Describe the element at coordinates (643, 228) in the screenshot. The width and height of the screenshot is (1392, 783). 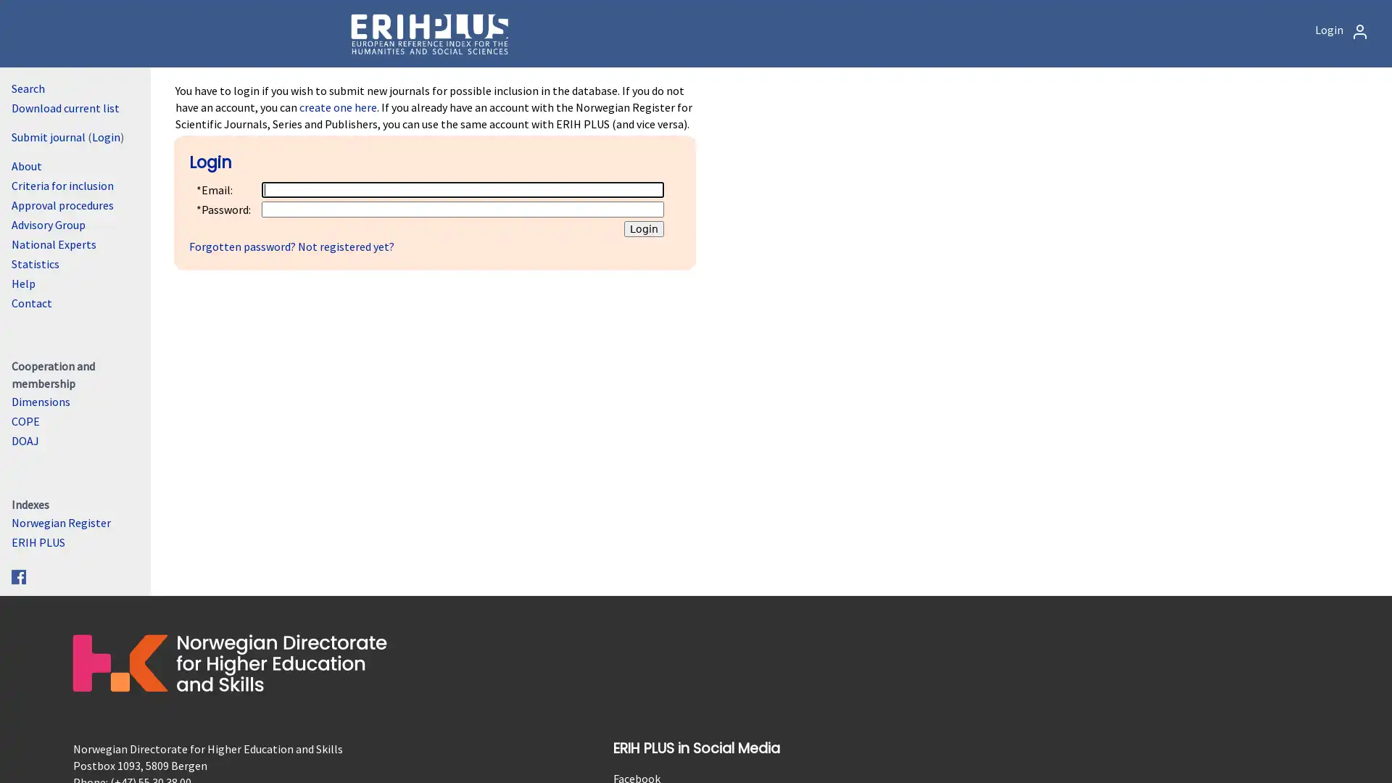
I see `Login` at that location.